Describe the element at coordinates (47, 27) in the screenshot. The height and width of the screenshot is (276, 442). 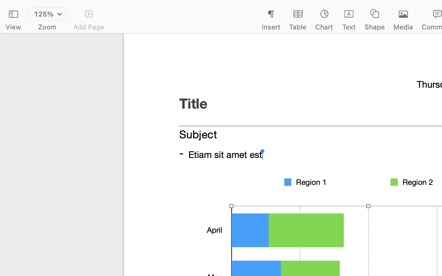
I see `'Zoom'` at that location.